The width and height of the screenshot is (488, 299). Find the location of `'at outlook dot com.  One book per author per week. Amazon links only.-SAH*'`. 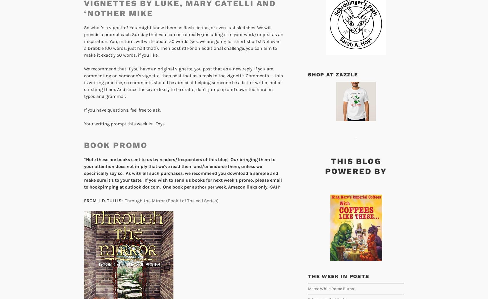

'at outlook dot com.  One book per author per week. Amazon links only.-SAH*' is located at coordinates (200, 187).